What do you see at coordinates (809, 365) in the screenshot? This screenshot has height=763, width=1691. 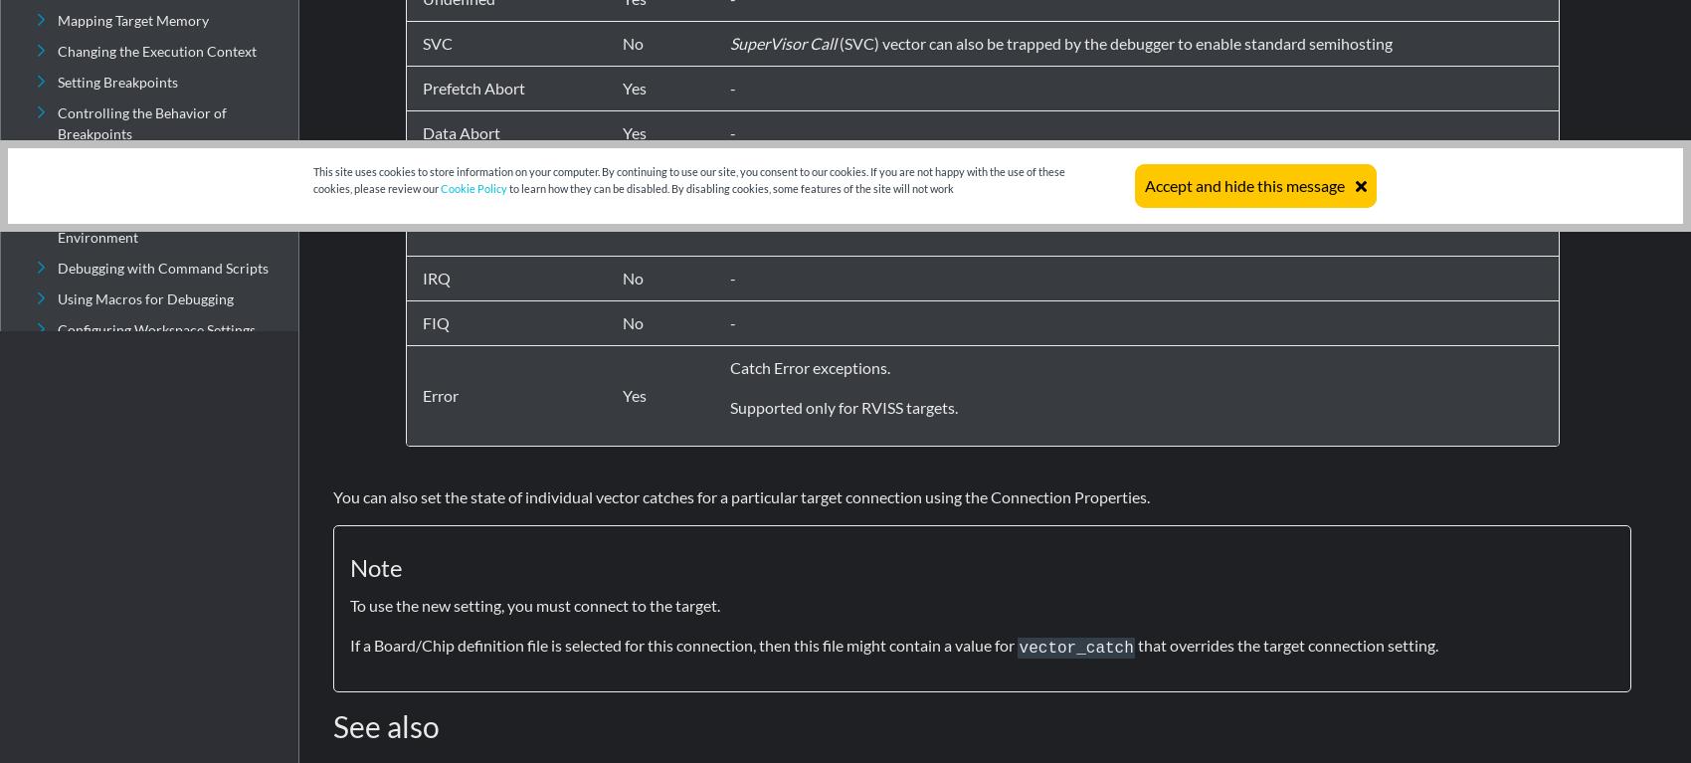 I see `'Catch Error exceptions.'` at bounding box center [809, 365].